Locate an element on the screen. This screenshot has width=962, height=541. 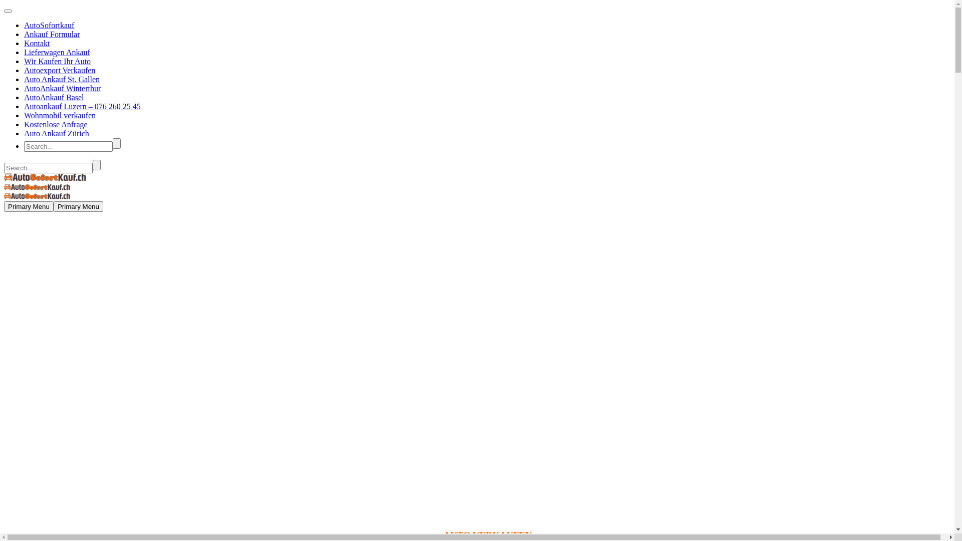
'Kontakt' is located at coordinates (37, 43).